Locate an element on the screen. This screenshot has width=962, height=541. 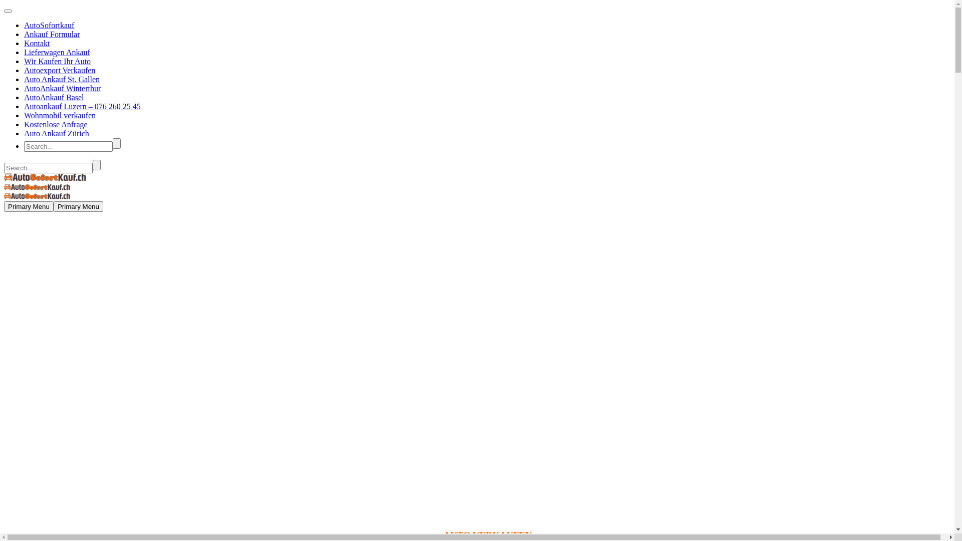
'Kontakt' is located at coordinates (37, 43).